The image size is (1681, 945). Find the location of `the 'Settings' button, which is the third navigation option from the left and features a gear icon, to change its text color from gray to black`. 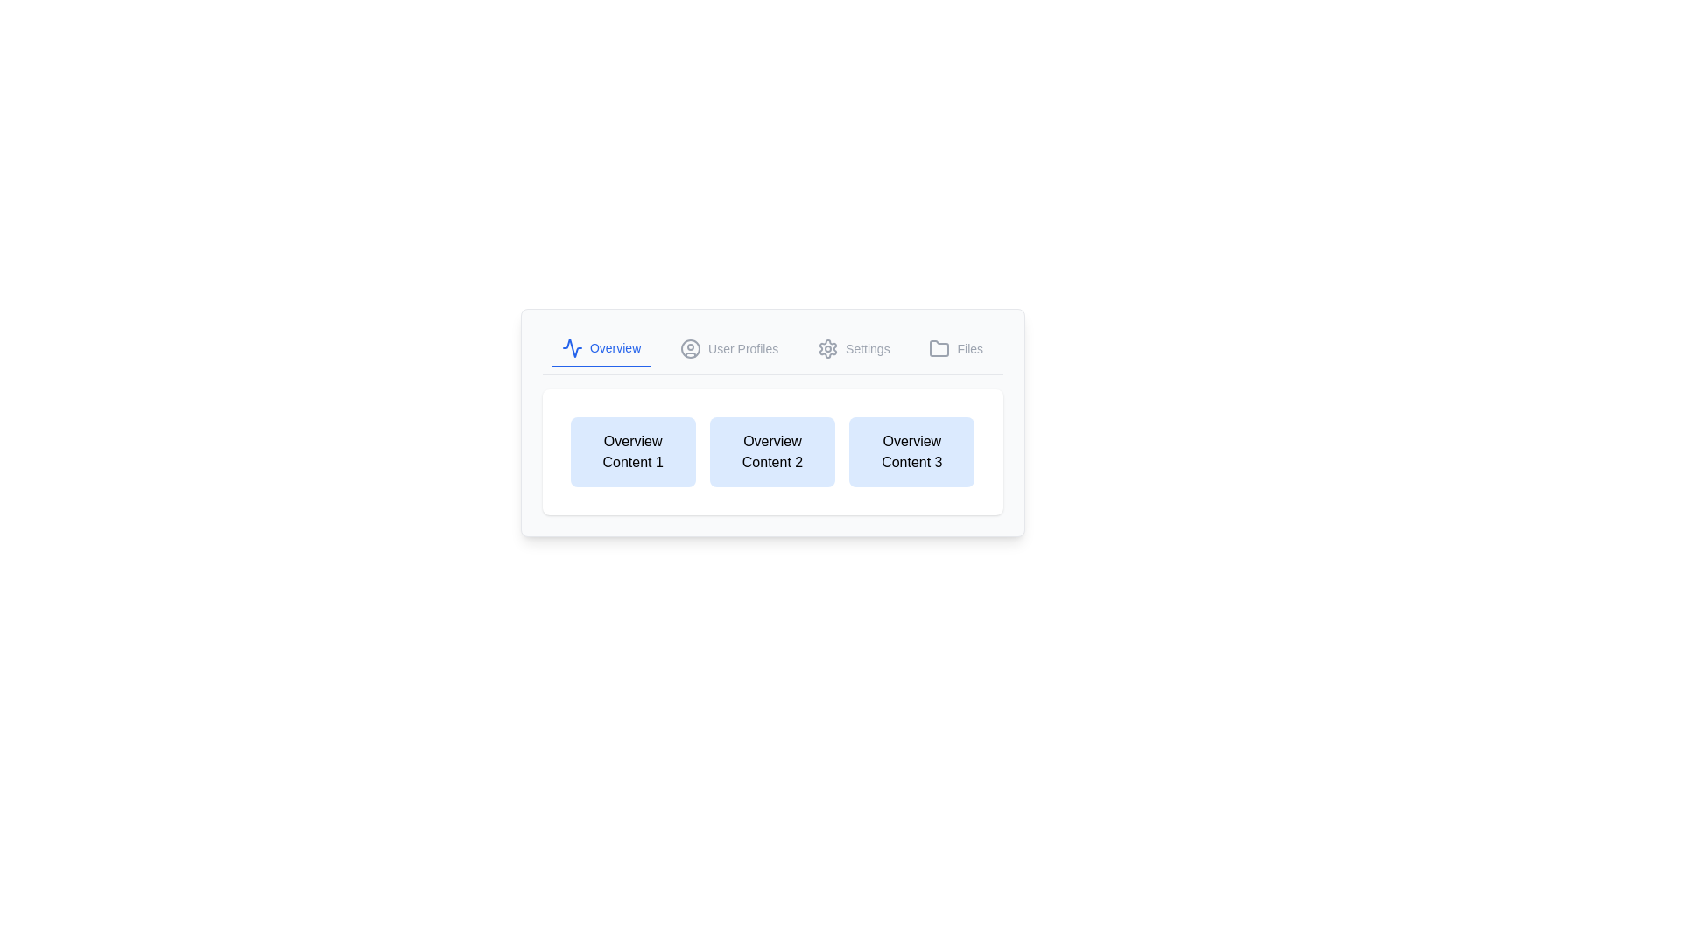

the 'Settings' button, which is the third navigation option from the left and features a gear icon, to change its text color from gray to black is located at coordinates (854, 348).